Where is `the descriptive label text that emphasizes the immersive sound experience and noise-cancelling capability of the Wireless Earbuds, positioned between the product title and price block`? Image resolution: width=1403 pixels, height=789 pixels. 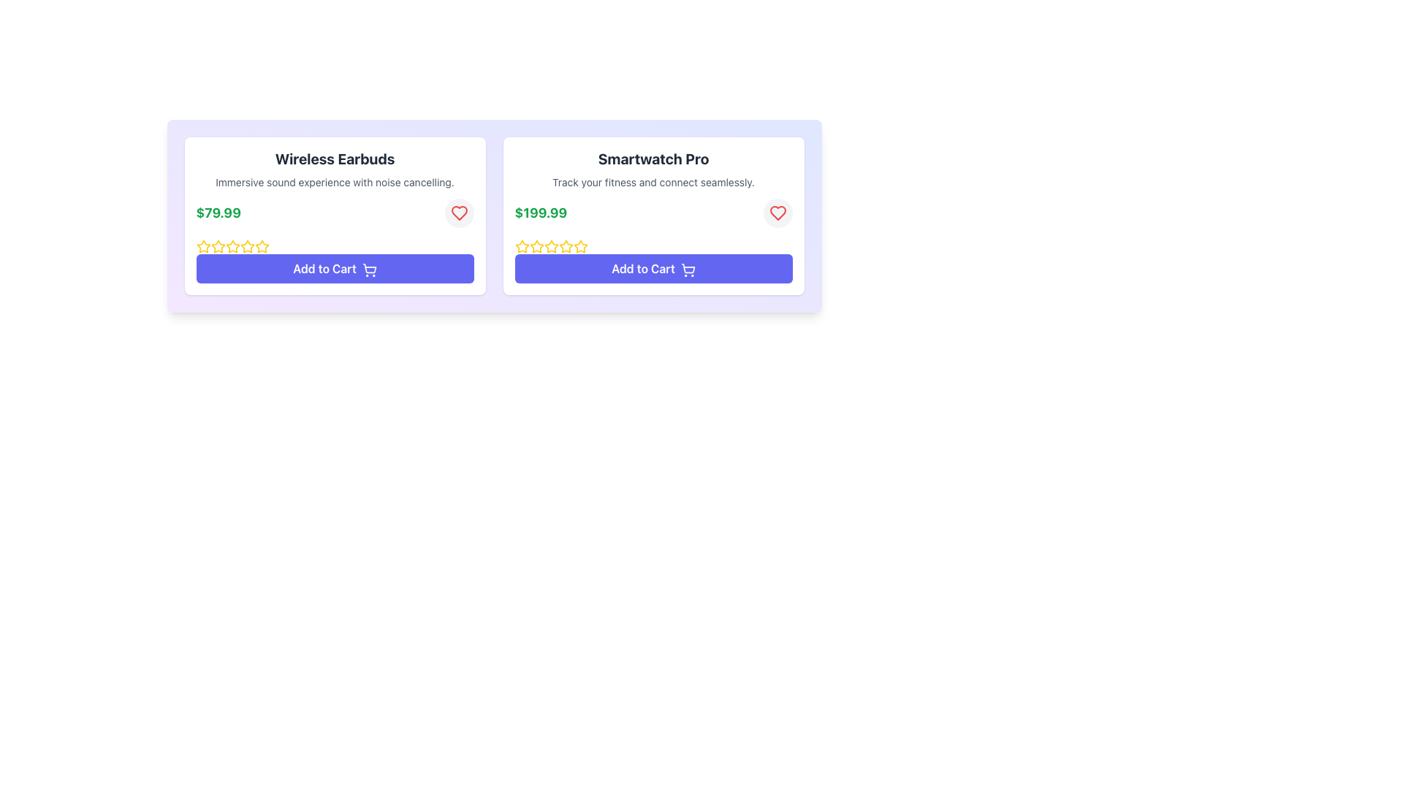 the descriptive label text that emphasizes the immersive sound experience and noise-cancelling capability of the Wireless Earbuds, positioned between the product title and price block is located at coordinates (334, 182).